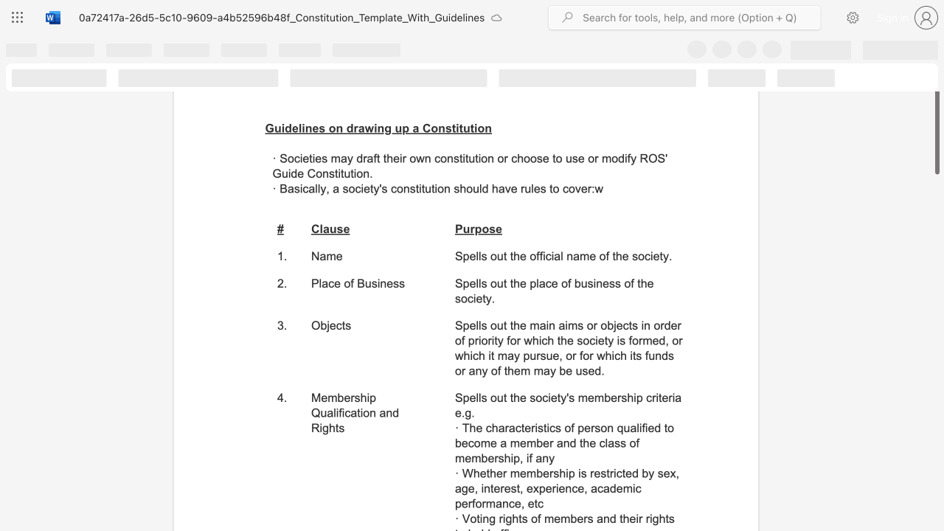 The image size is (944, 531). I want to click on the subset text "ociety" within the text "society", so click(347, 188).